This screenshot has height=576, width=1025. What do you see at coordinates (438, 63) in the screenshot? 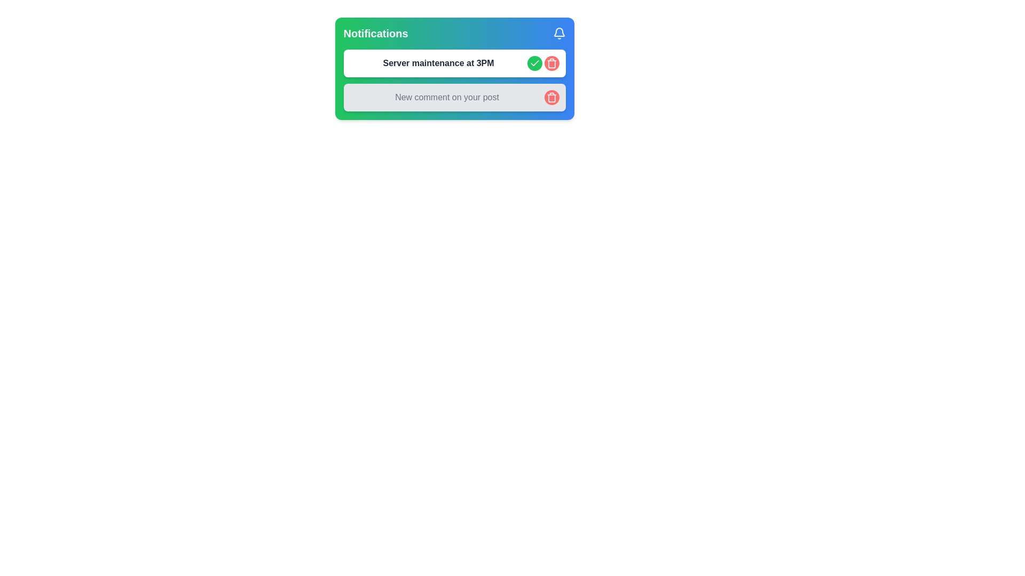
I see `the text label displaying 'Server maintenance at 3PM' within the notification card located underneath the 'Notifications' header` at bounding box center [438, 63].